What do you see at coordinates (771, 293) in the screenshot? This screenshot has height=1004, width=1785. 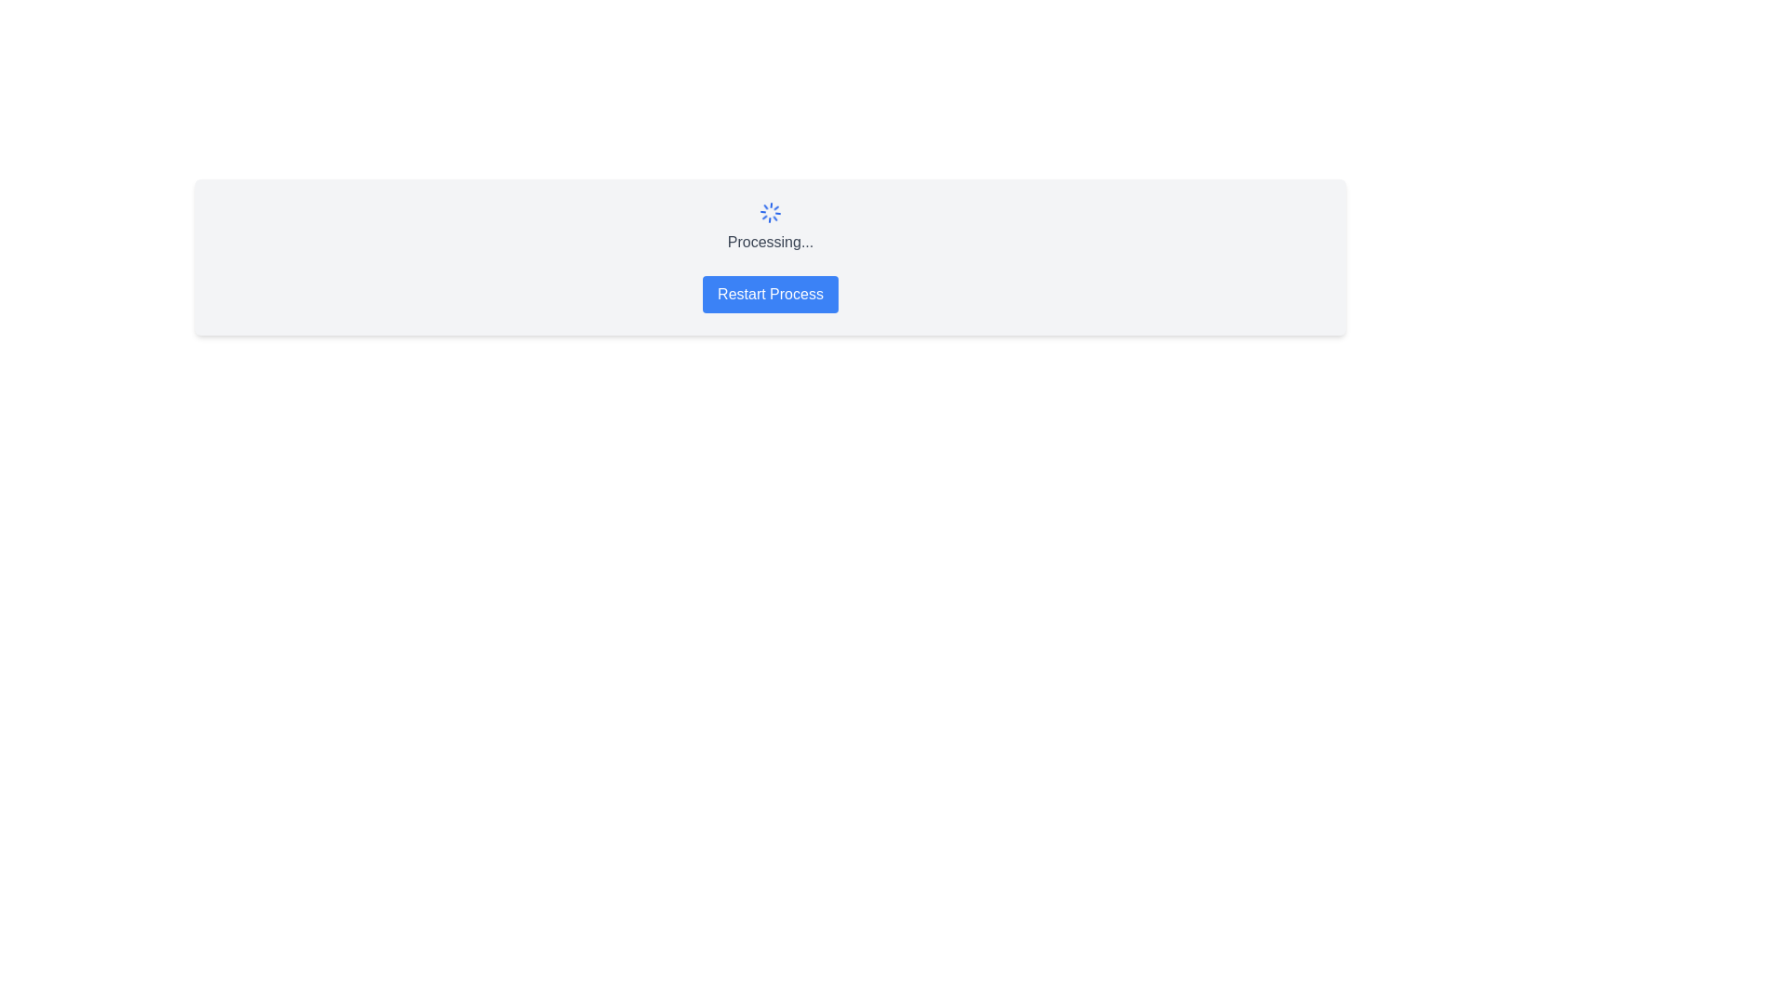 I see `the 'Restart Process' button, which is a blue button with white text, located below the spinner animation and the 'Processing...' text` at bounding box center [771, 293].